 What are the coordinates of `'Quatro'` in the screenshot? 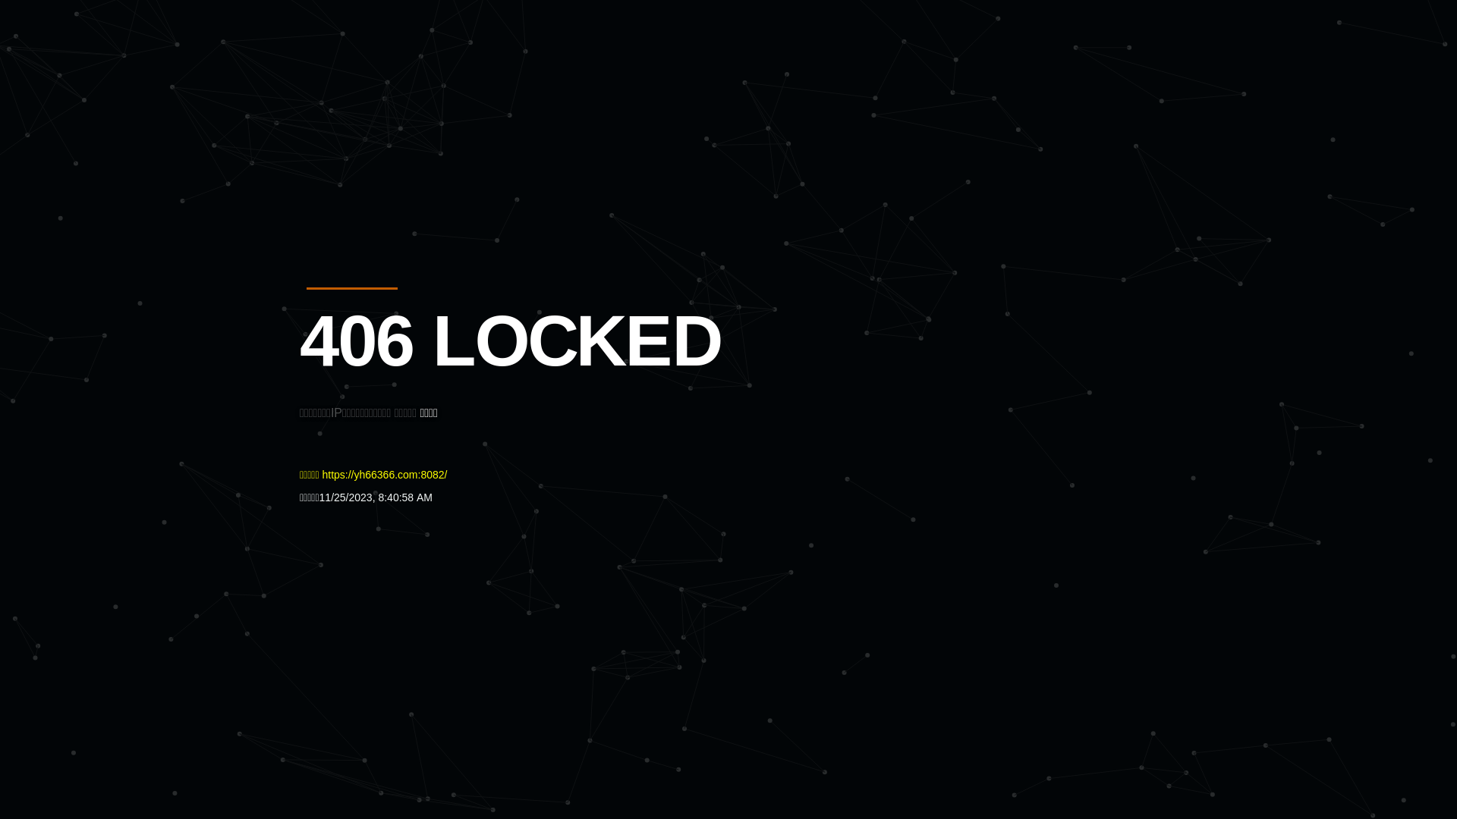 It's located at (411, 86).